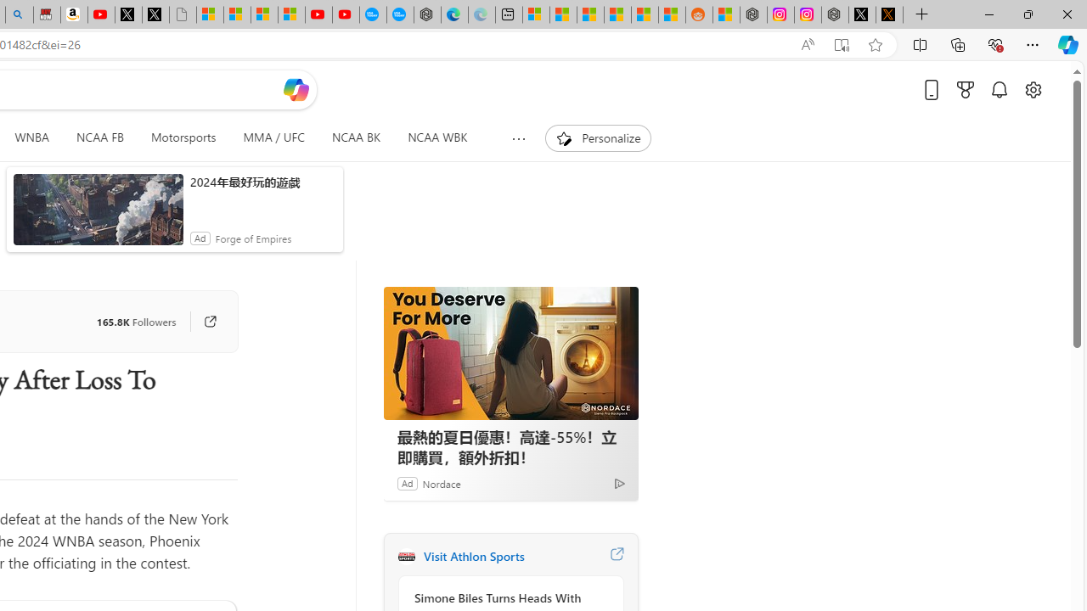 This screenshot has width=1087, height=611. What do you see at coordinates (31, 137) in the screenshot?
I see `'WNBA'` at bounding box center [31, 137].